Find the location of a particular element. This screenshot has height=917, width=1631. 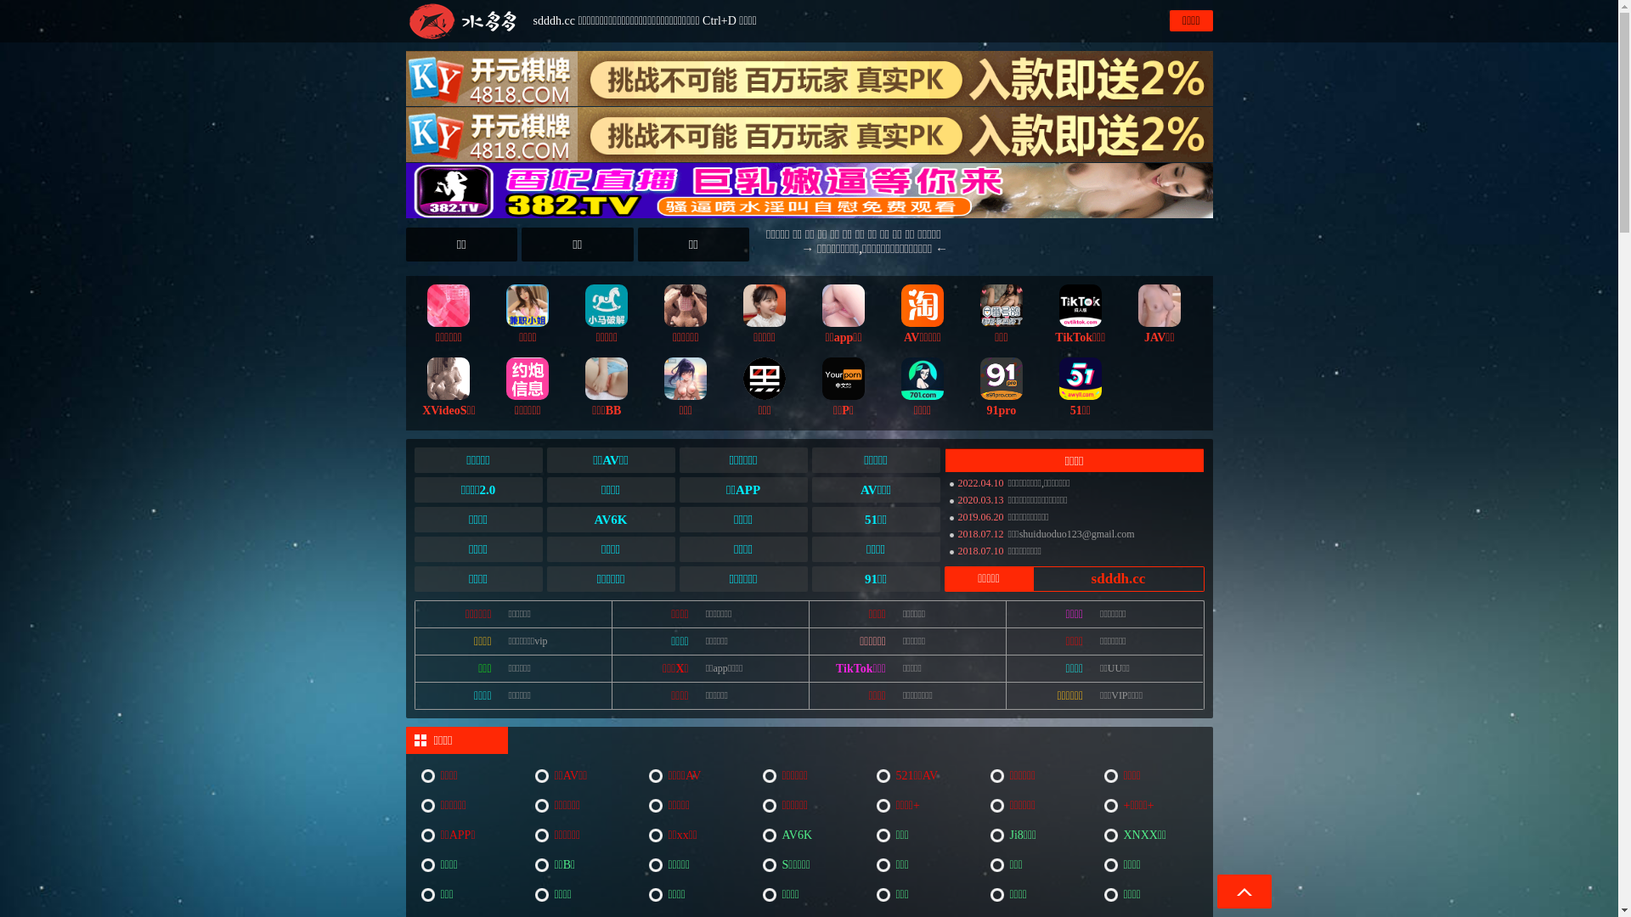

'AV6K' is located at coordinates (611, 519).